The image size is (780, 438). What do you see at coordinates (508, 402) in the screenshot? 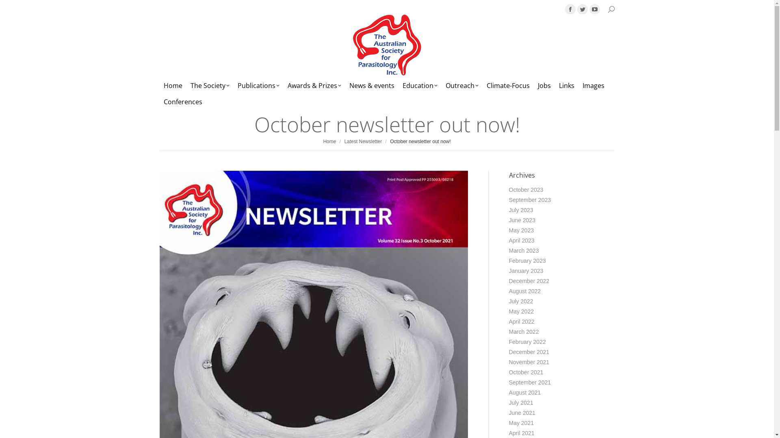
I see `'July 2021'` at bounding box center [508, 402].